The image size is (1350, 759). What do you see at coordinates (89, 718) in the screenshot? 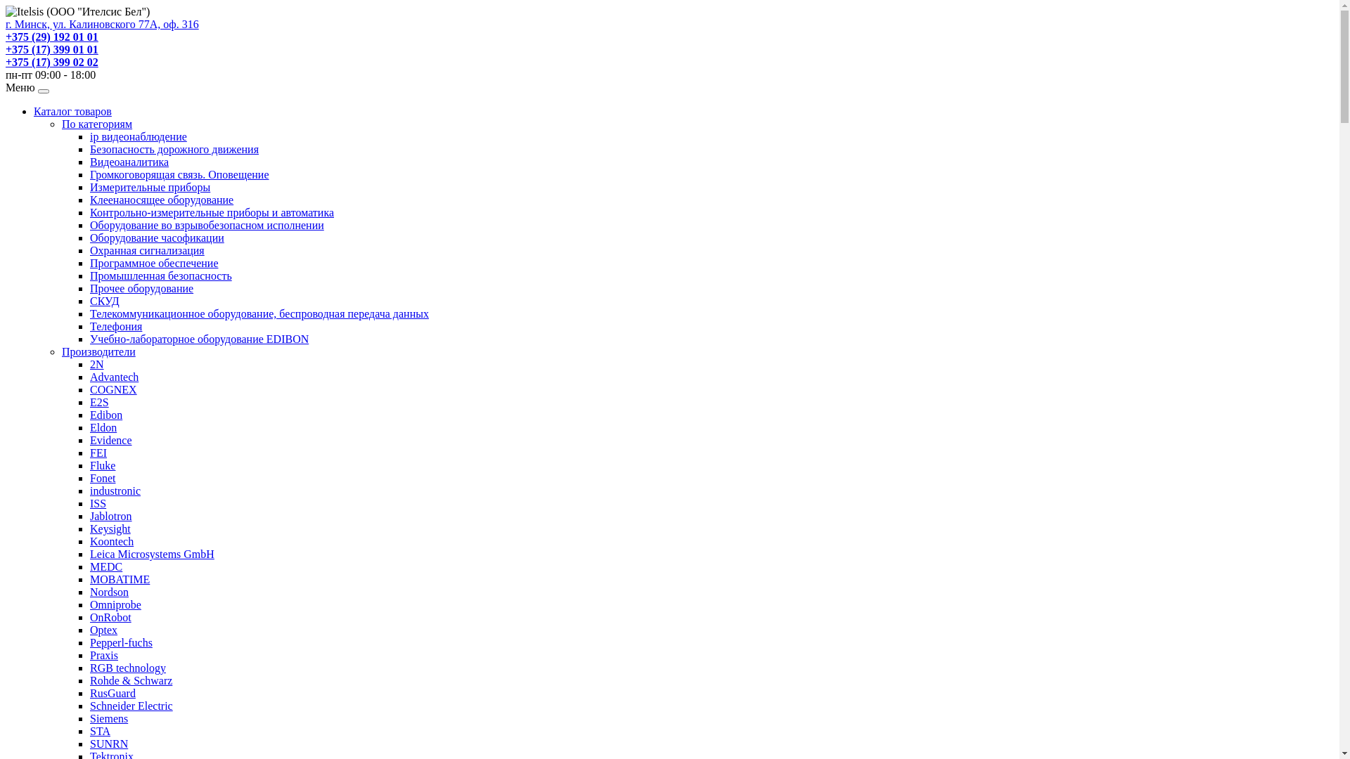
I see `'Siemens'` at bounding box center [89, 718].